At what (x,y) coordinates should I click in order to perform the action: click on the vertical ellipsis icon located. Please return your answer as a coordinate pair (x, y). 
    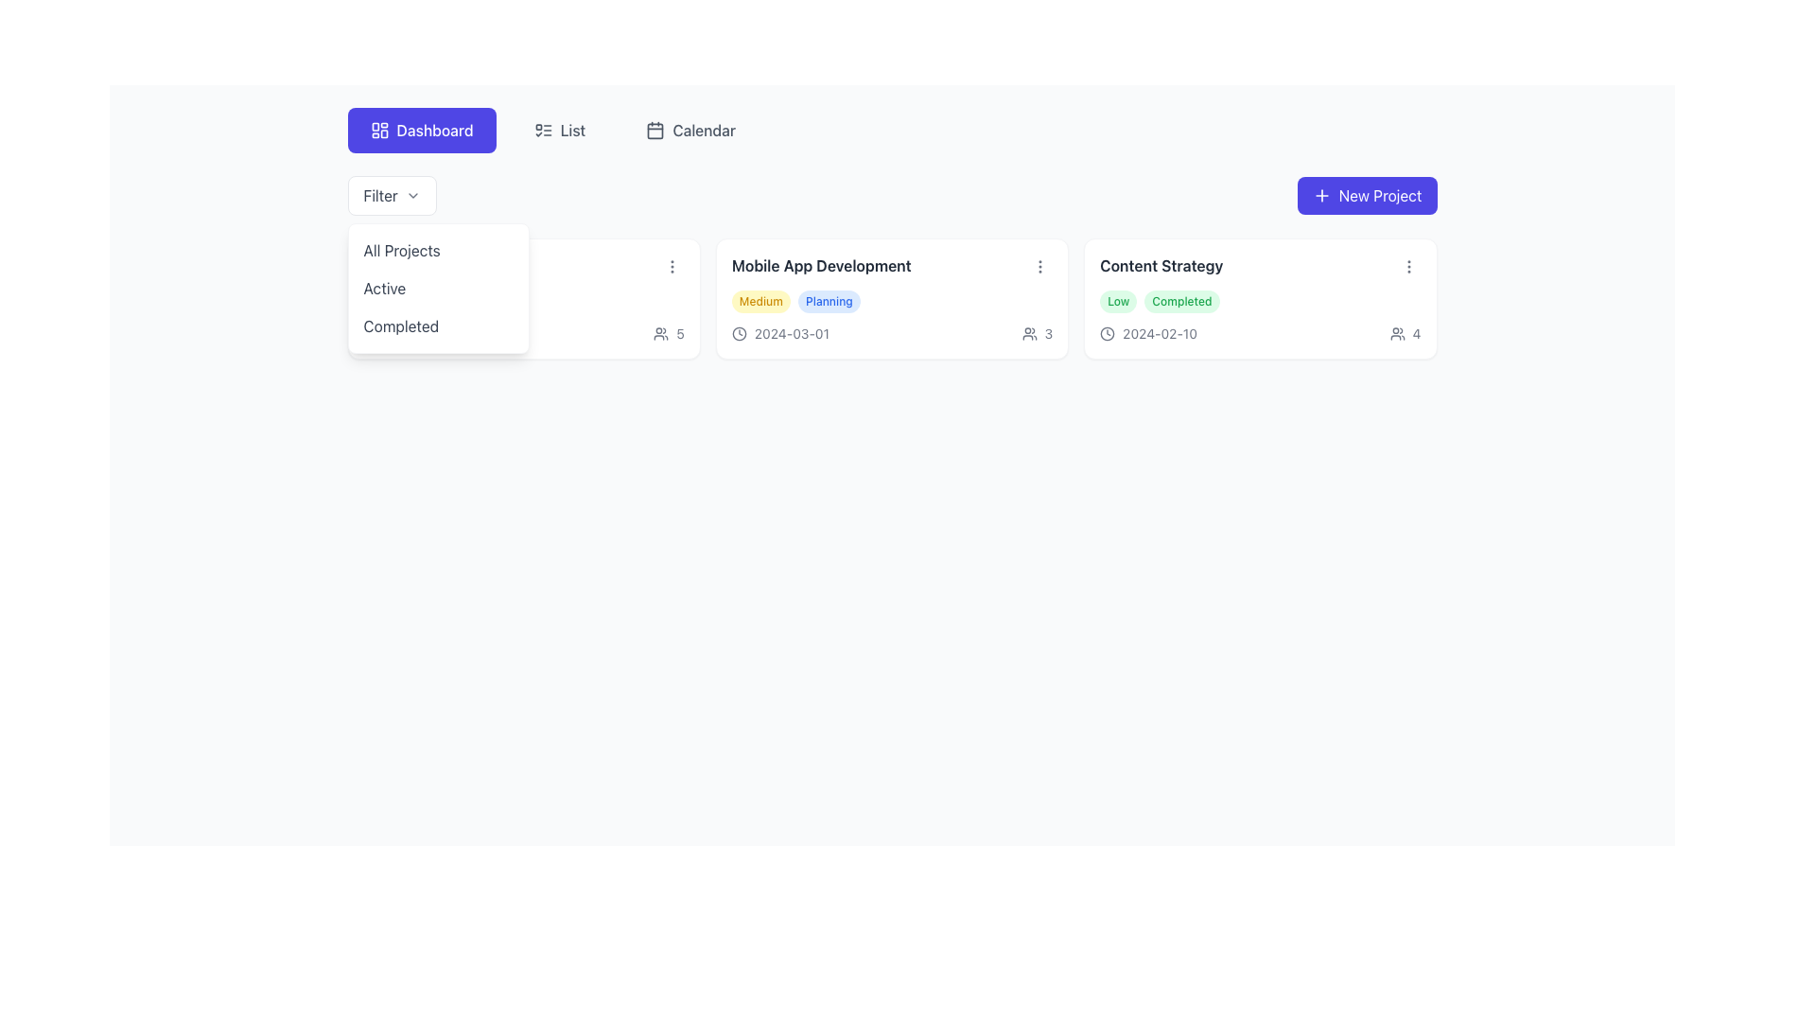
    Looking at the image, I should click on (1039, 266).